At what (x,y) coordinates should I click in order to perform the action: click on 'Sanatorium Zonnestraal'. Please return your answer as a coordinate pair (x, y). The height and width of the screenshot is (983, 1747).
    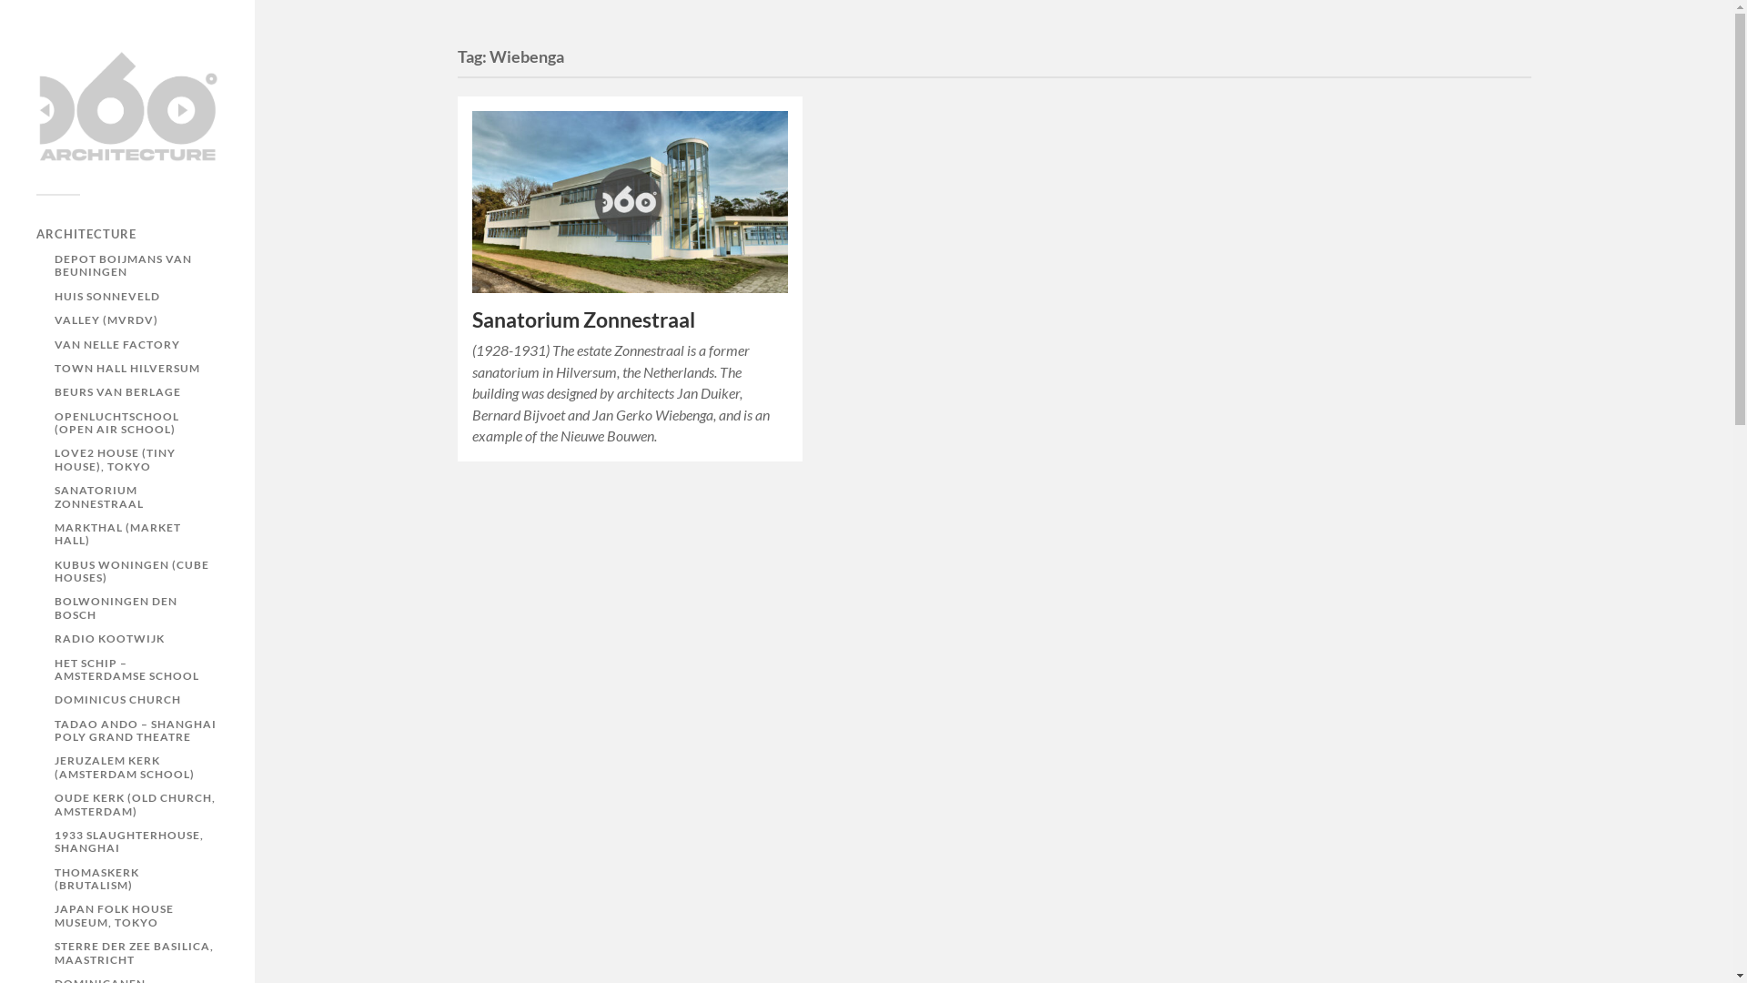
    Looking at the image, I should click on (582, 319).